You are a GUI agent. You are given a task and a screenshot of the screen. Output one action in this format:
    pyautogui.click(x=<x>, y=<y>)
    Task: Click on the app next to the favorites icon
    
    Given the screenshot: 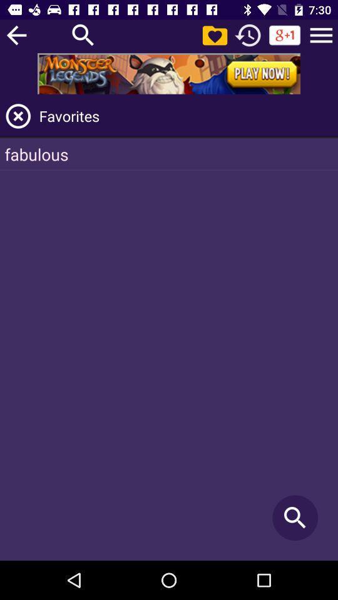 What is the action you would take?
    pyautogui.click(x=18, y=116)
    